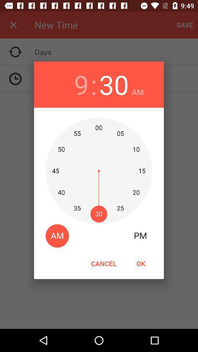  Describe the element at coordinates (140, 263) in the screenshot. I see `icon next to the cancel item` at that location.